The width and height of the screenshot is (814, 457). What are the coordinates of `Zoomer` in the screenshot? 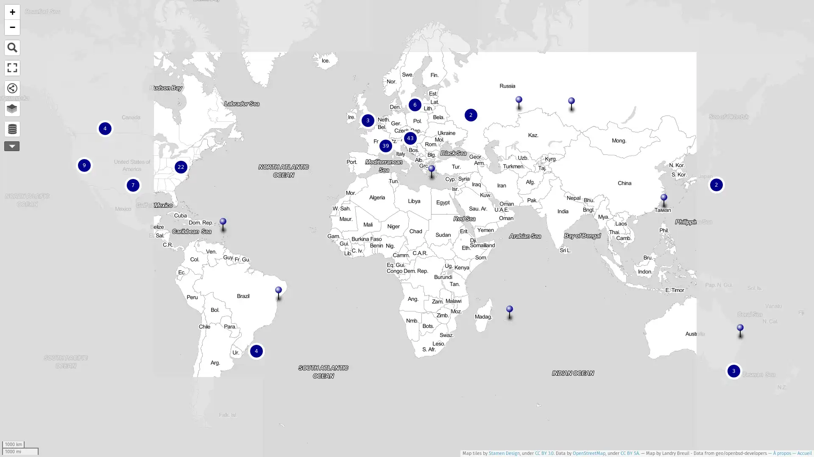 It's located at (12, 12).